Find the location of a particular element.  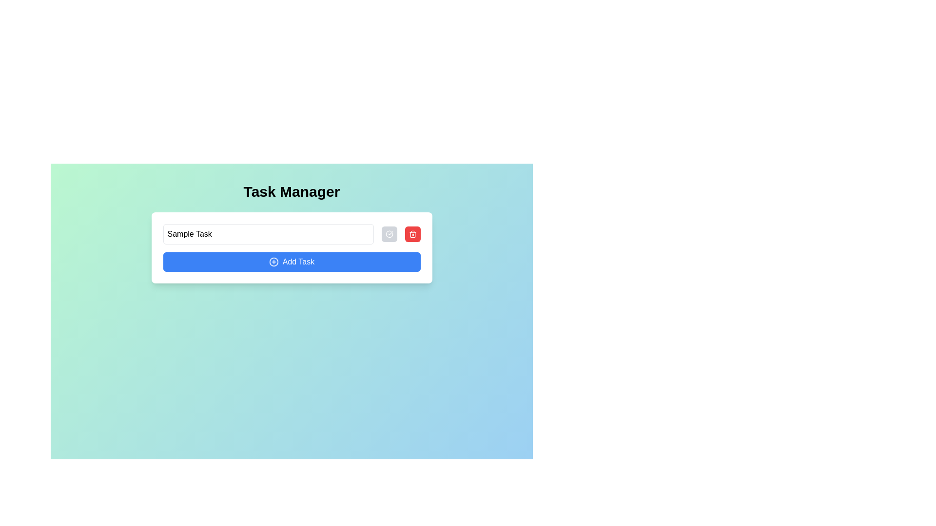

the 'Add Task' button located at the bottom of the white interface card, which is centered in a gradient background, to change its background color is located at coordinates (291, 247).